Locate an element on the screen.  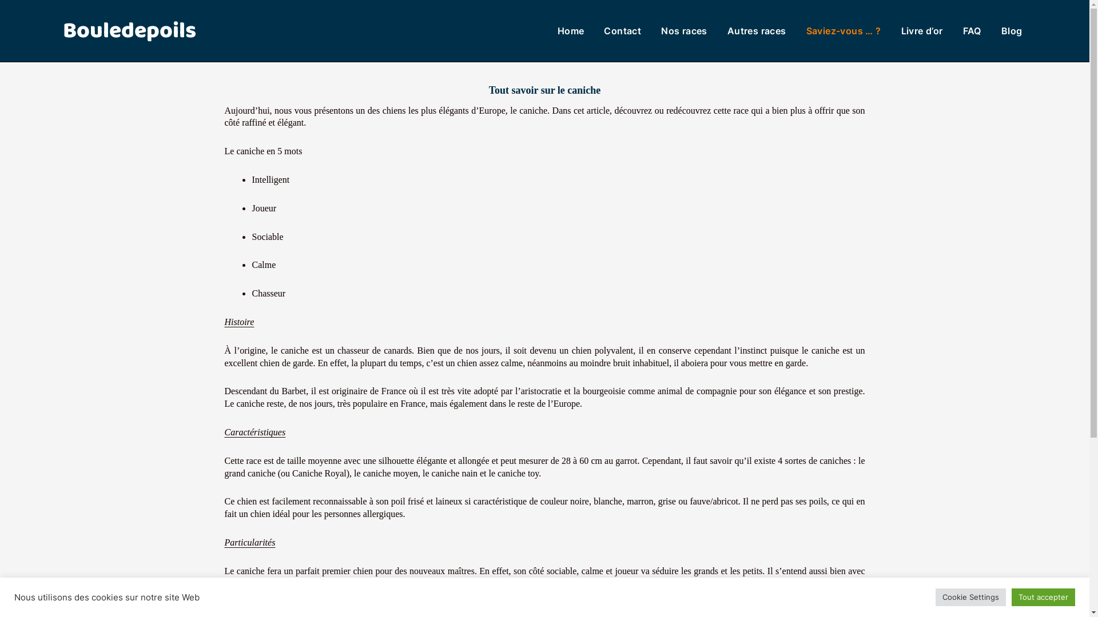
'Nos races' is located at coordinates (684, 30).